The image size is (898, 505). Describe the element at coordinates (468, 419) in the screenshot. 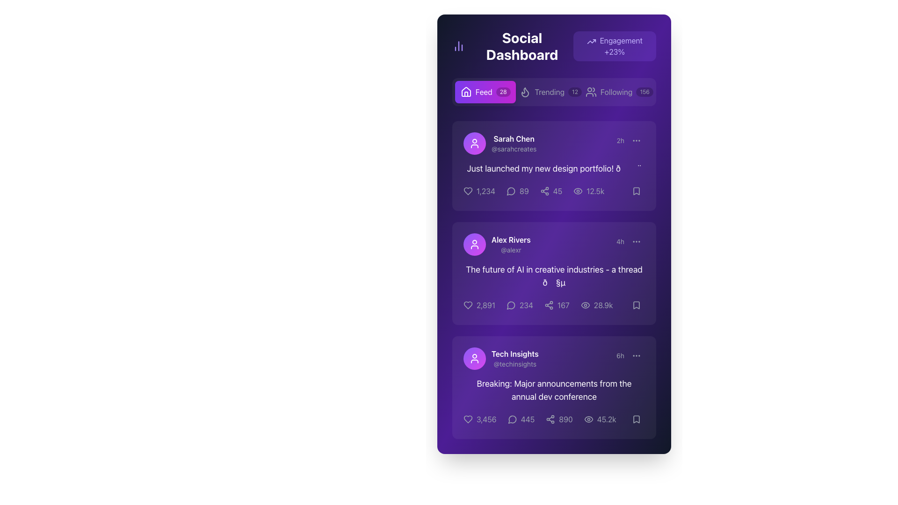

I see `the heart-shaped icon outlined in white to like or unlike the associated content, which is positioned to the left of the numerical text '3,456'` at that location.